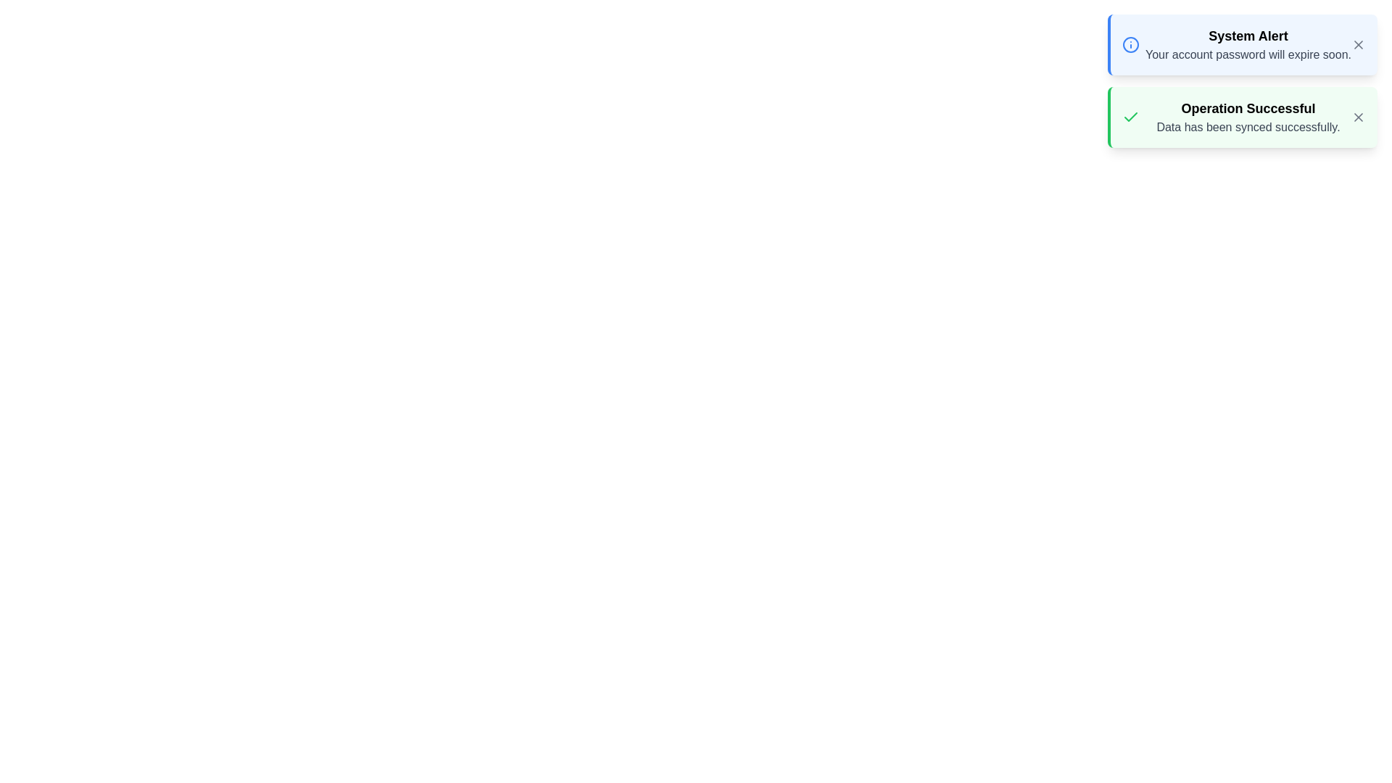 The width and height of the screenshot is (1392, 783). I want to click on the description of the notification with ID 1, so click(1248, 43).